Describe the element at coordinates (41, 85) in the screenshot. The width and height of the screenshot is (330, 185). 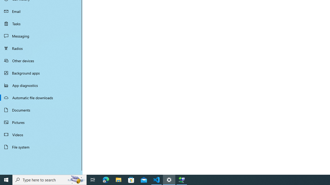
I see `'App diagnostics'` at that location.